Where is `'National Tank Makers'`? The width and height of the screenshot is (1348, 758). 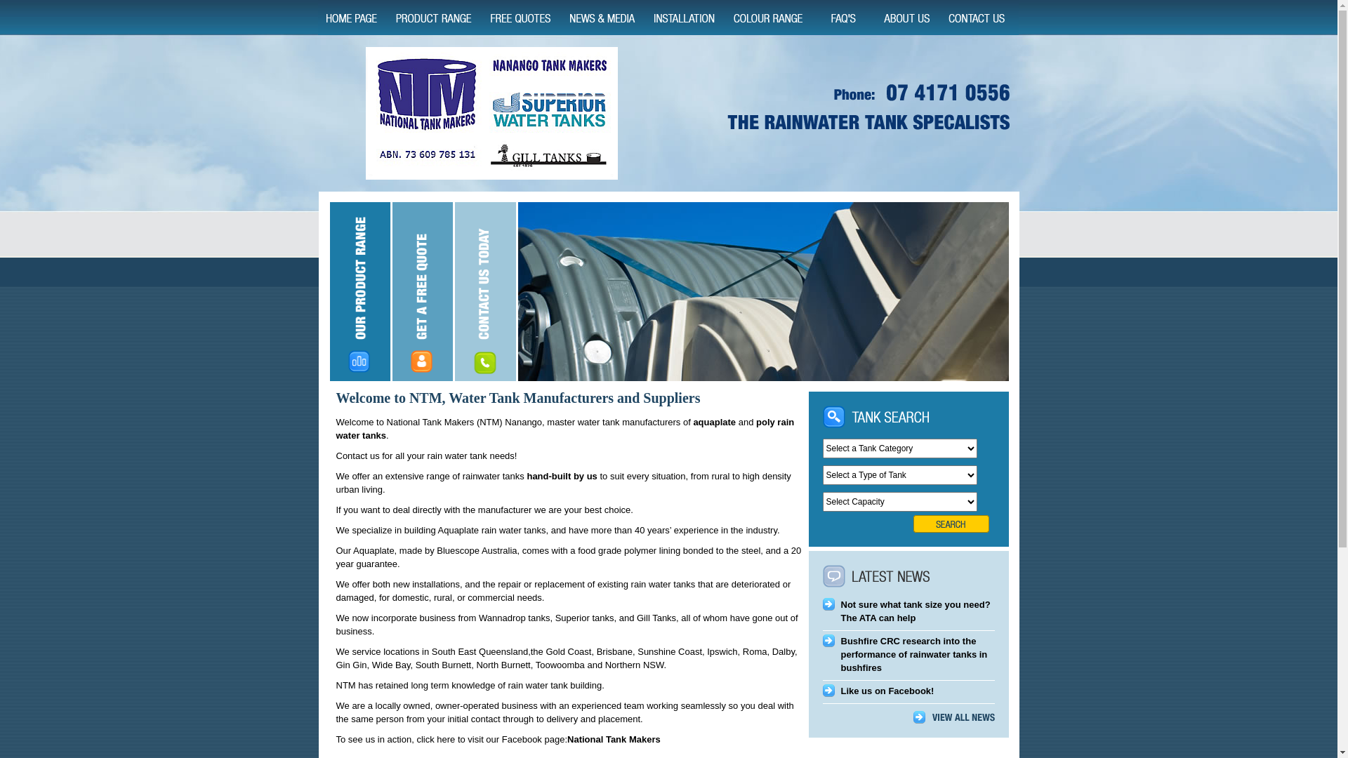
'National Tank Makers' is located at coordinates (614, 738).